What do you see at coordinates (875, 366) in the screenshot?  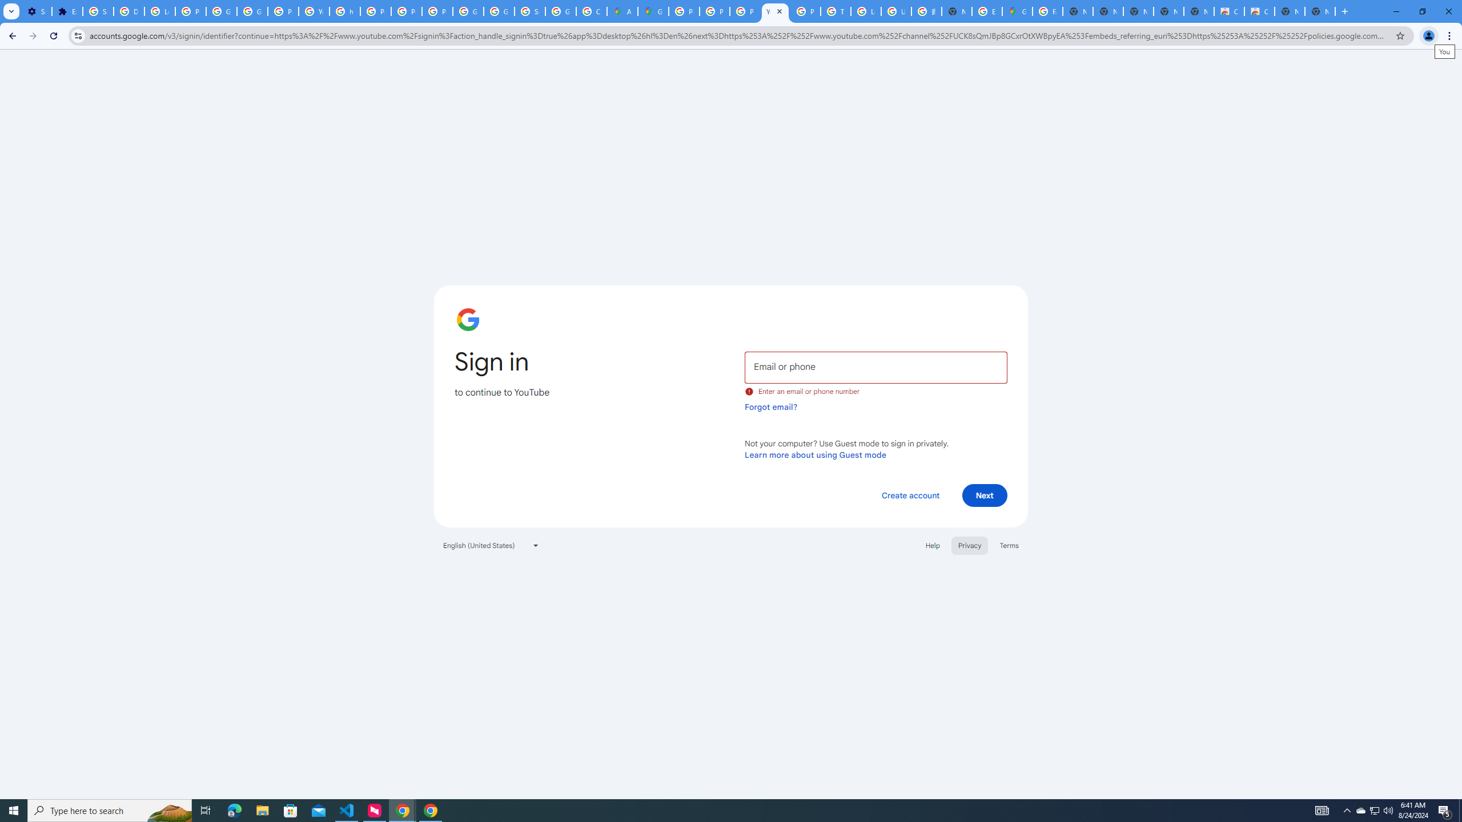 I see `'Email or phone'` at bounding box center [875, 366].